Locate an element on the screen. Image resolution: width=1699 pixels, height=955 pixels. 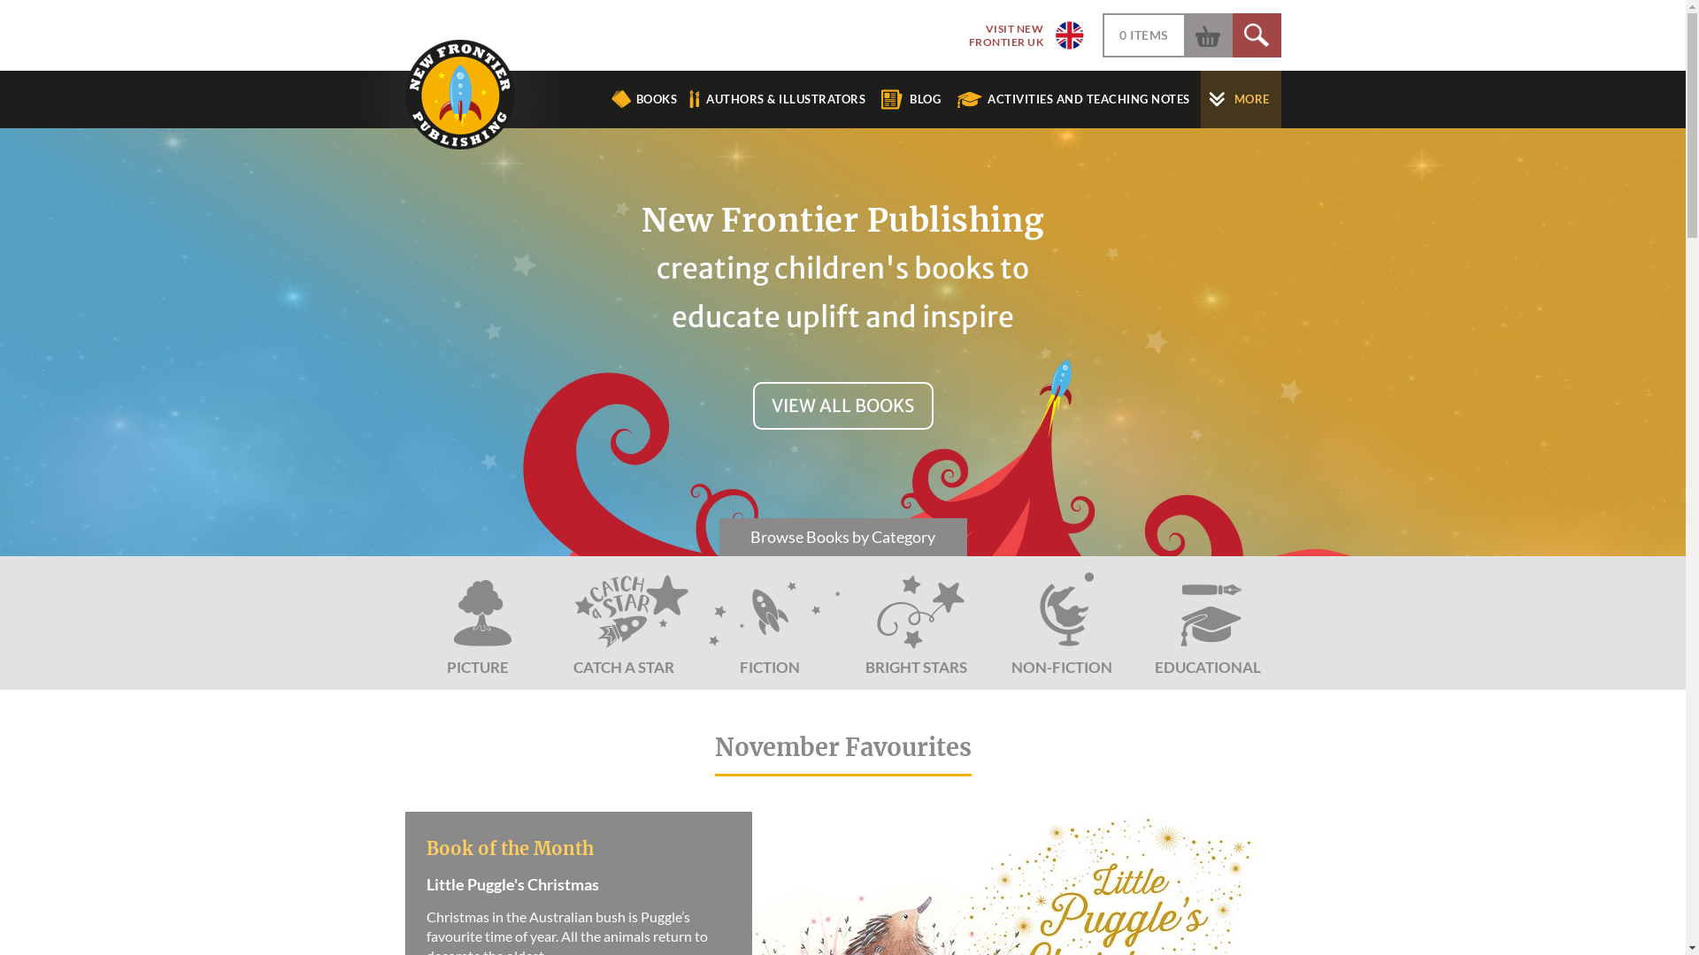
'VIEW ALL BOOKS' is located at coordinates (841, 406).